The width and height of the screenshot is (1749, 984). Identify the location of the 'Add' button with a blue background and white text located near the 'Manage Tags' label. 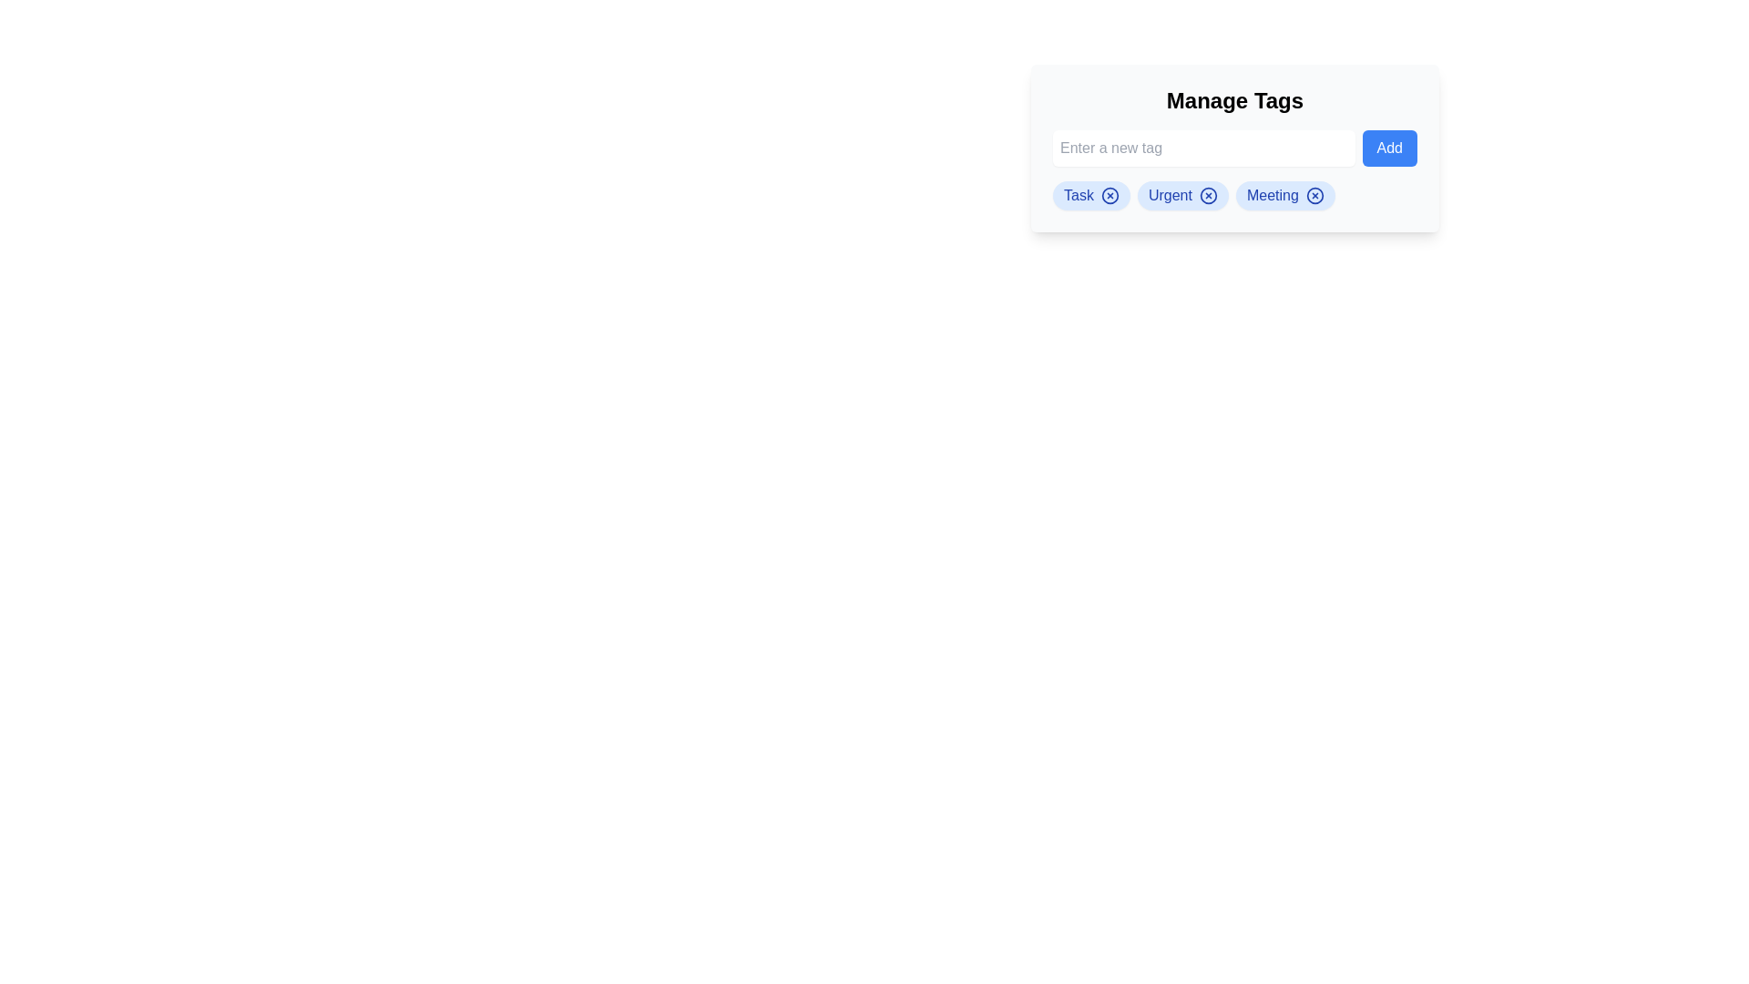
(1388, 147).